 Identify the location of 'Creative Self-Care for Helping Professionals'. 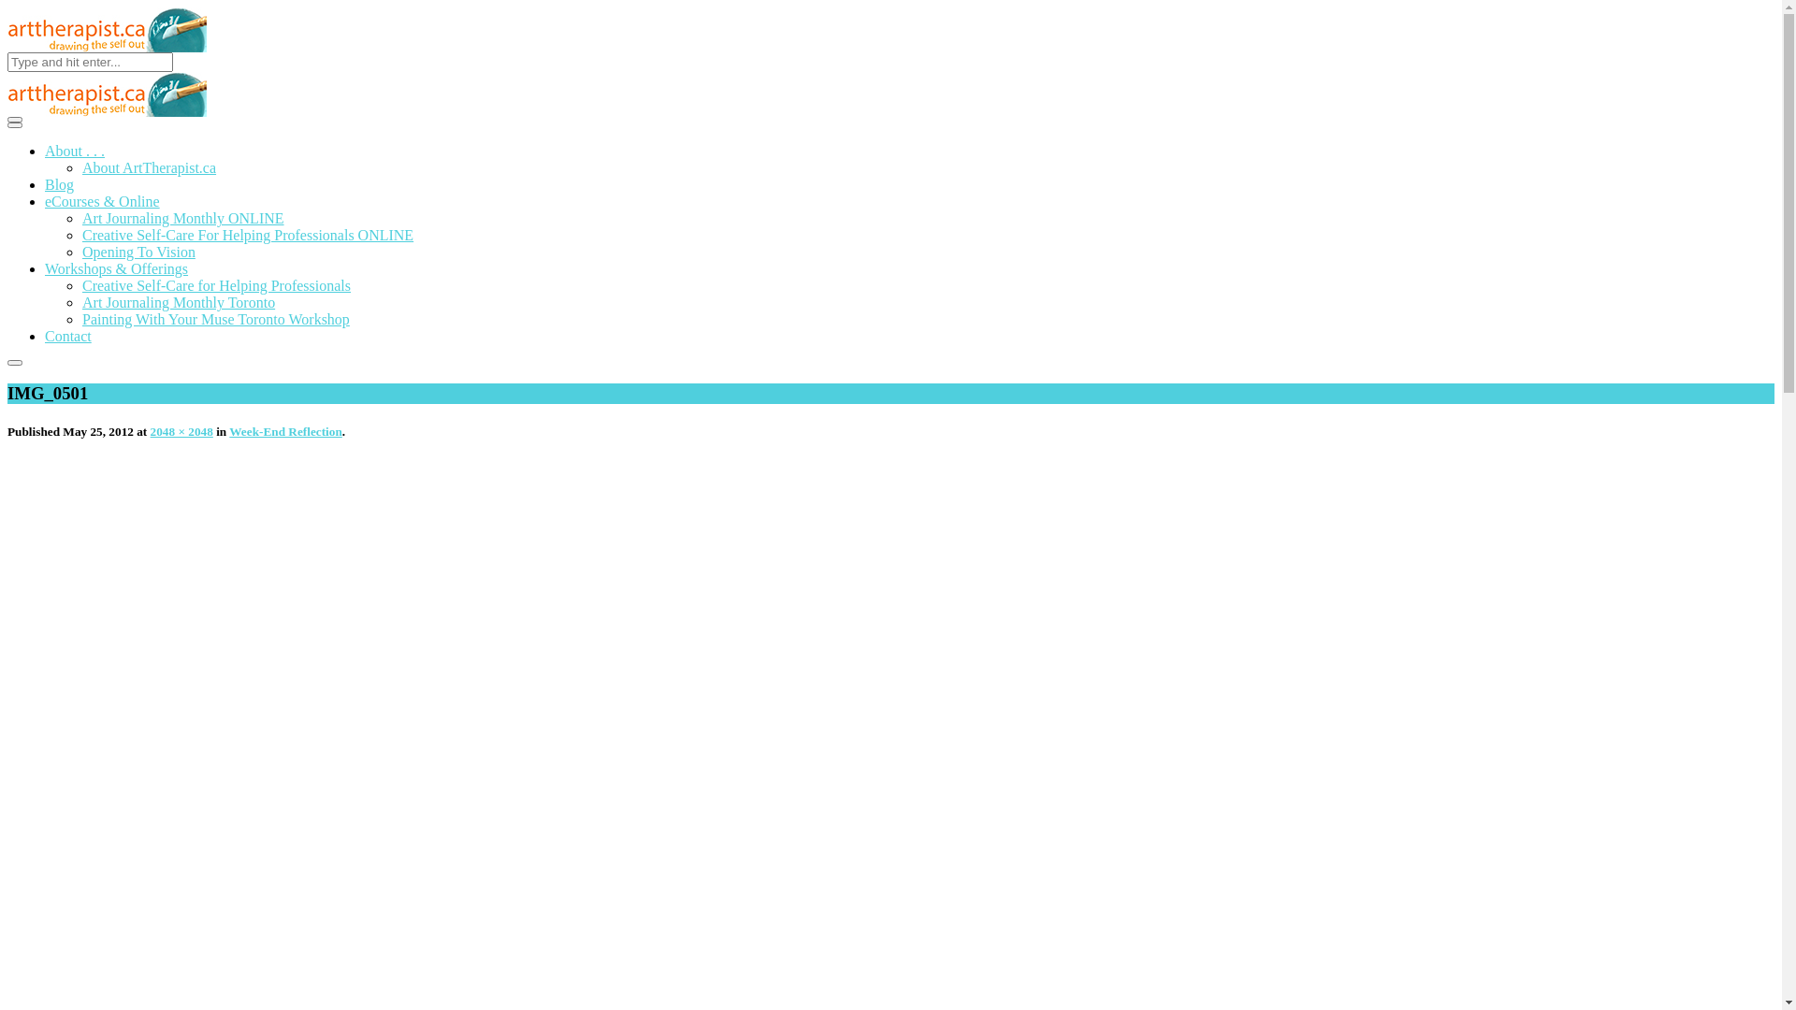
(216, 285).